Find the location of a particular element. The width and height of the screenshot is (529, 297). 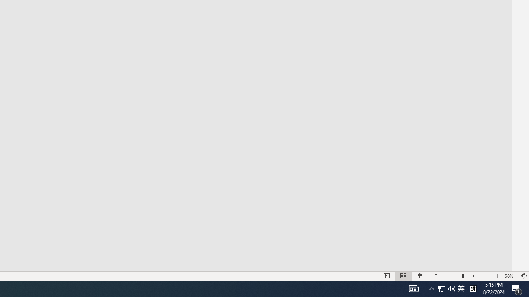

'Zoom' is located at coordinates (473, 276).